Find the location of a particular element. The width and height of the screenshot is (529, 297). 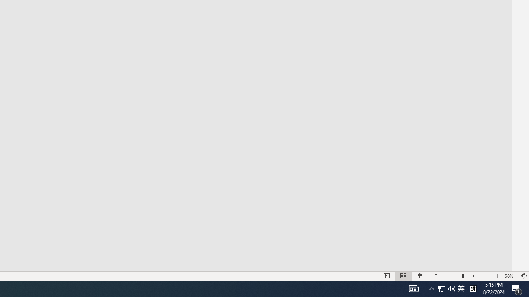

'Zoom' is located at coordinates (473, 276).